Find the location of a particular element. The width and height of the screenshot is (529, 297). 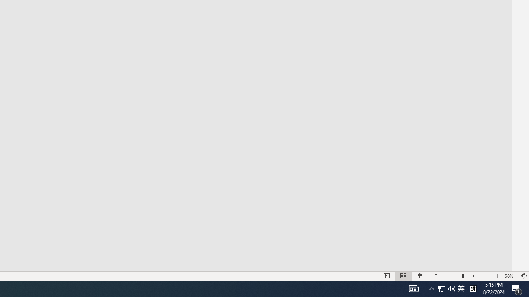

'Zoom' is located at coordinates (473, 276).